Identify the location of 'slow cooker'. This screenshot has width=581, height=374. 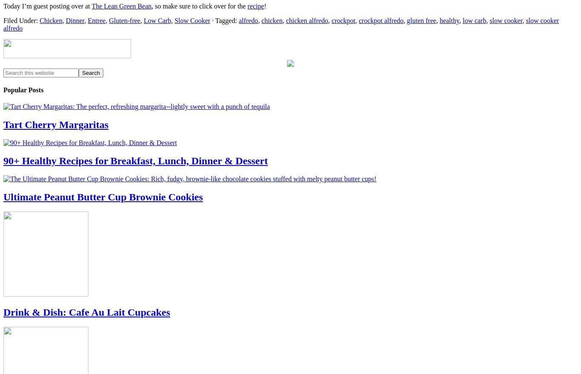
(506, 20).